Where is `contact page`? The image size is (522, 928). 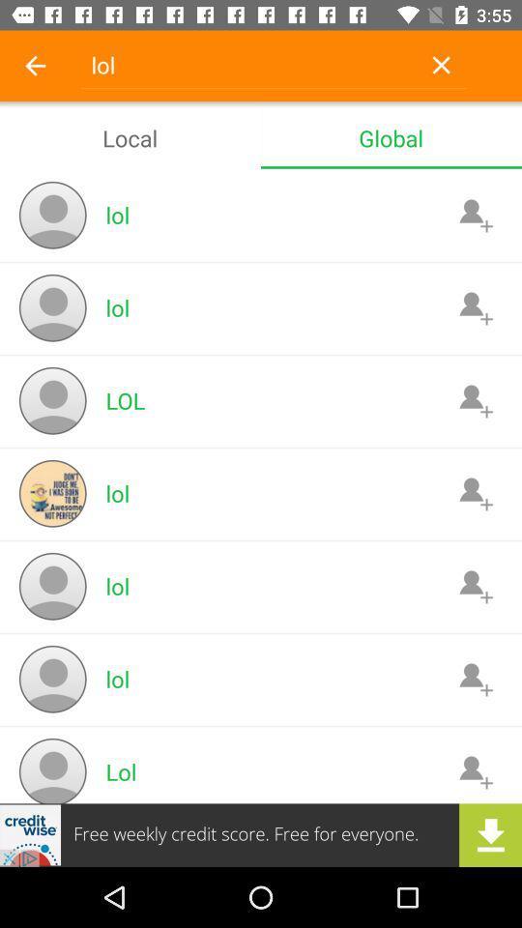 contact page is located at coordinates (475, 771).